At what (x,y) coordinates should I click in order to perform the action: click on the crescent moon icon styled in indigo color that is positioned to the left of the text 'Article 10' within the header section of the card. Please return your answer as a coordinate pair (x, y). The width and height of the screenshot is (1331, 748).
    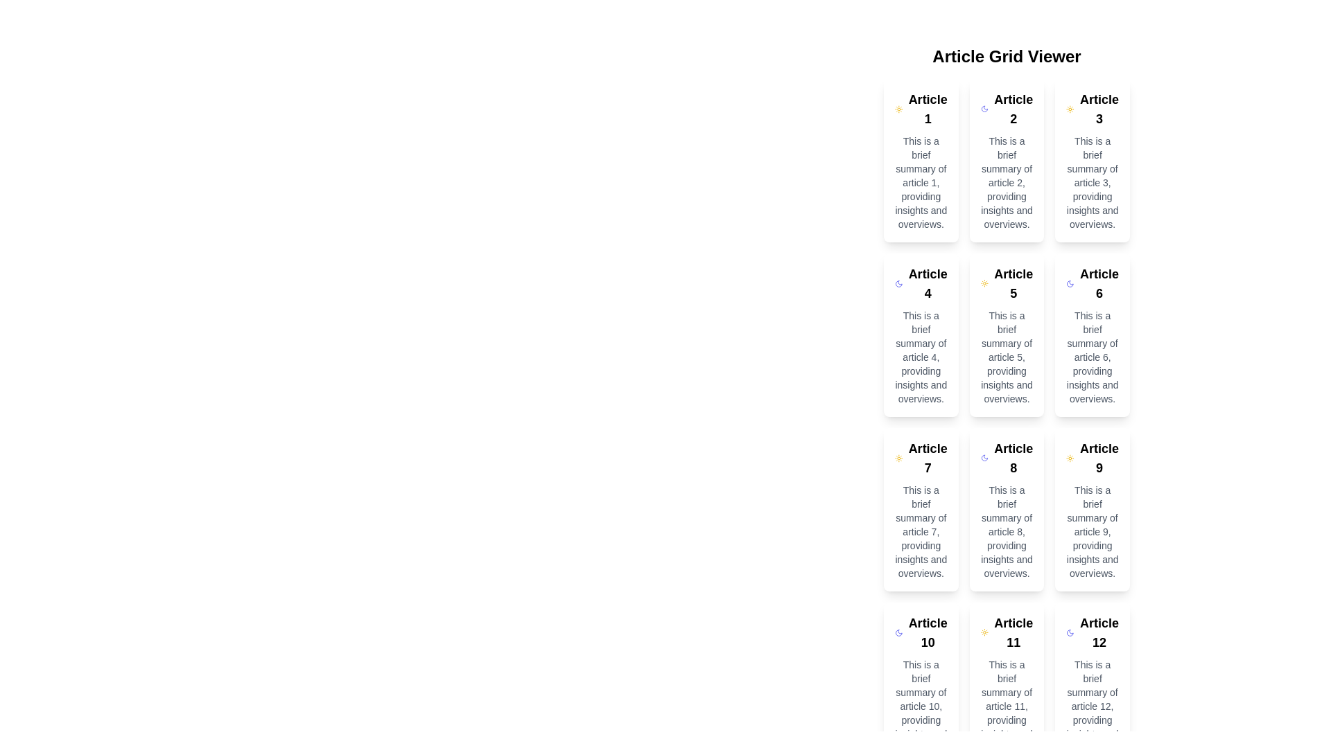
    Looking at the image, I should click on (898, 633).